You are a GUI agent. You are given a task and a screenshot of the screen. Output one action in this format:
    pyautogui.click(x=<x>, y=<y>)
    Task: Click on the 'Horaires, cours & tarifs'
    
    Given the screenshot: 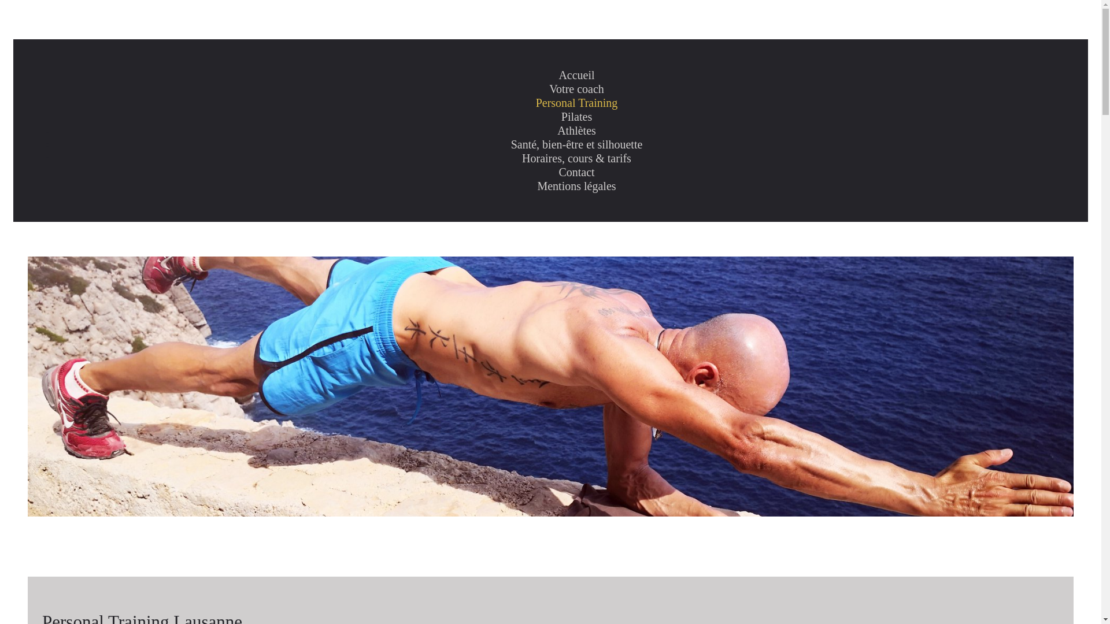 What is the action you would take?
    pyautogui.click(x=521, y=158)
    